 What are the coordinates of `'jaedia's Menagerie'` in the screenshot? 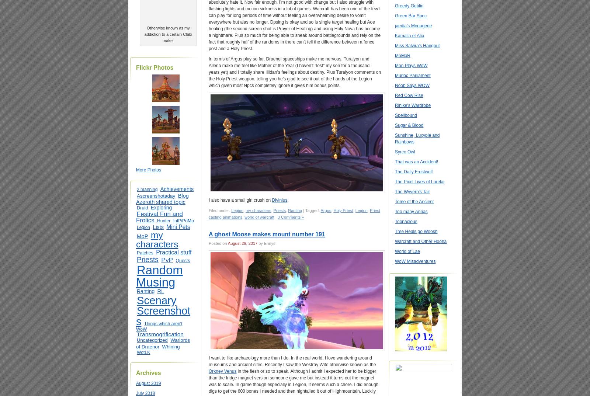 It's located at (413, 26).